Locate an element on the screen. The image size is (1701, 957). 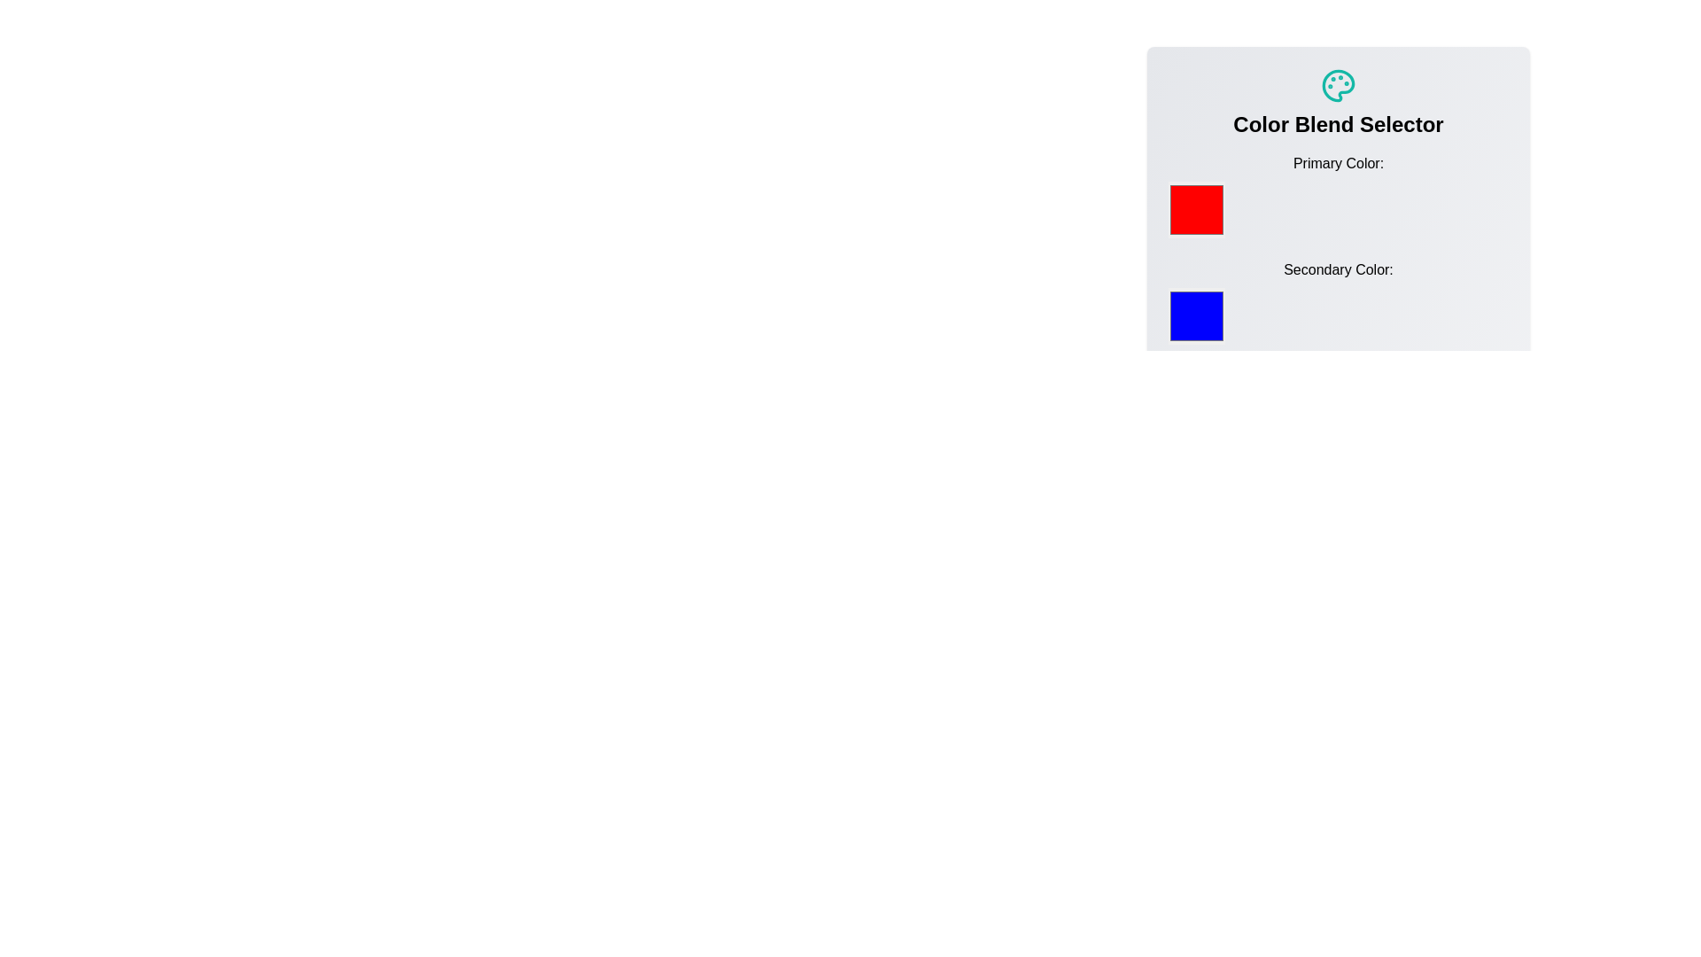
the square color selector with a red fill, located under the 'Primary Color:' label, to prepare for further interaction is located at coordinates (1196, 208).